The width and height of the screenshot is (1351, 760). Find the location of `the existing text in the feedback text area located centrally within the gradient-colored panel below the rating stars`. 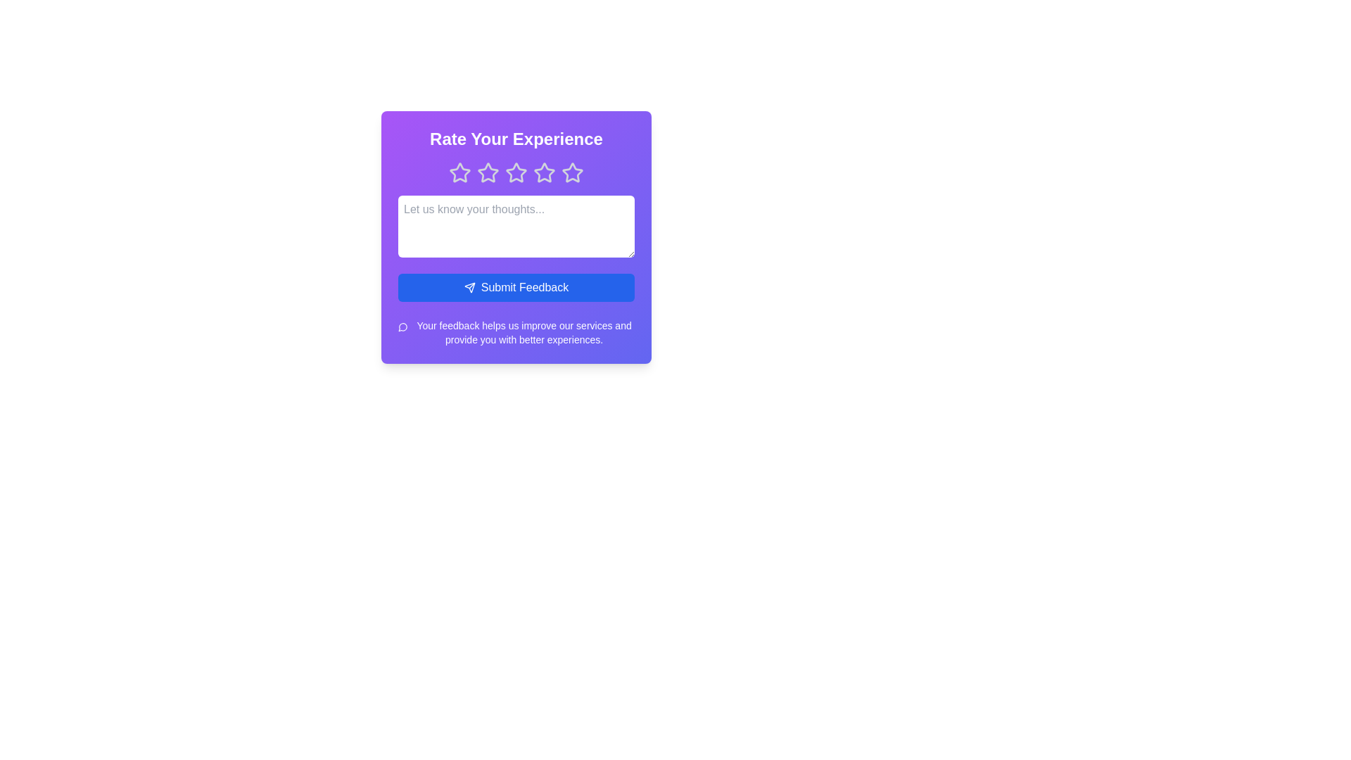

the existing text in the feedback text area located centrally within the gradient-colored panel below the rating stars is located at coordinates (516, 225).